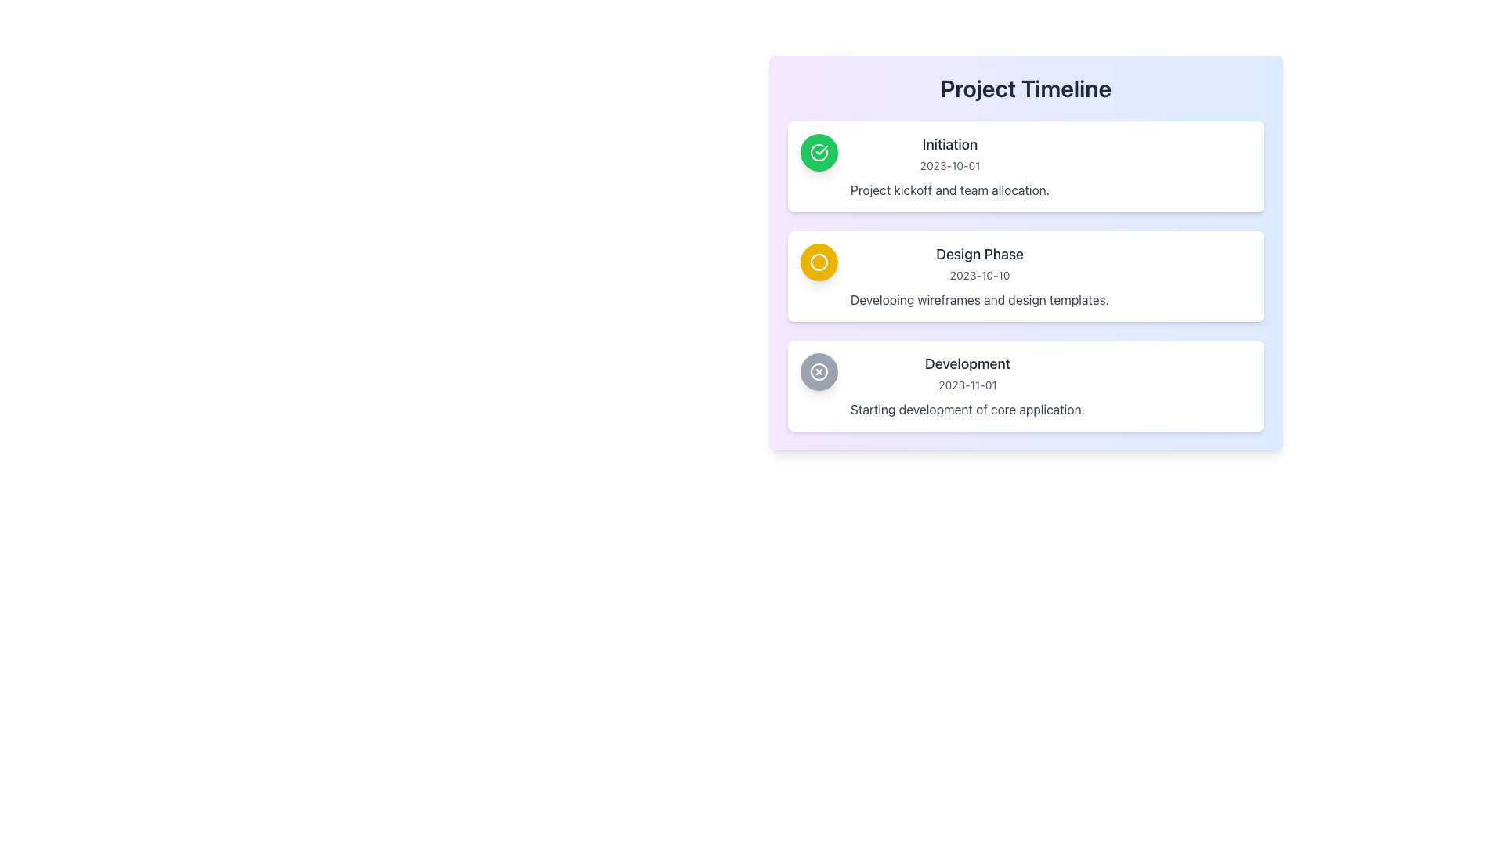 This screenshot has width=1504, height=846. What do you see at coordinates (979, 299) in the screenshot?
I see `static text label located beneath the 'Design Phase' header and date '2023-10-10', which provides information about the activities related to the design phase` at bounding box center [979, 299].